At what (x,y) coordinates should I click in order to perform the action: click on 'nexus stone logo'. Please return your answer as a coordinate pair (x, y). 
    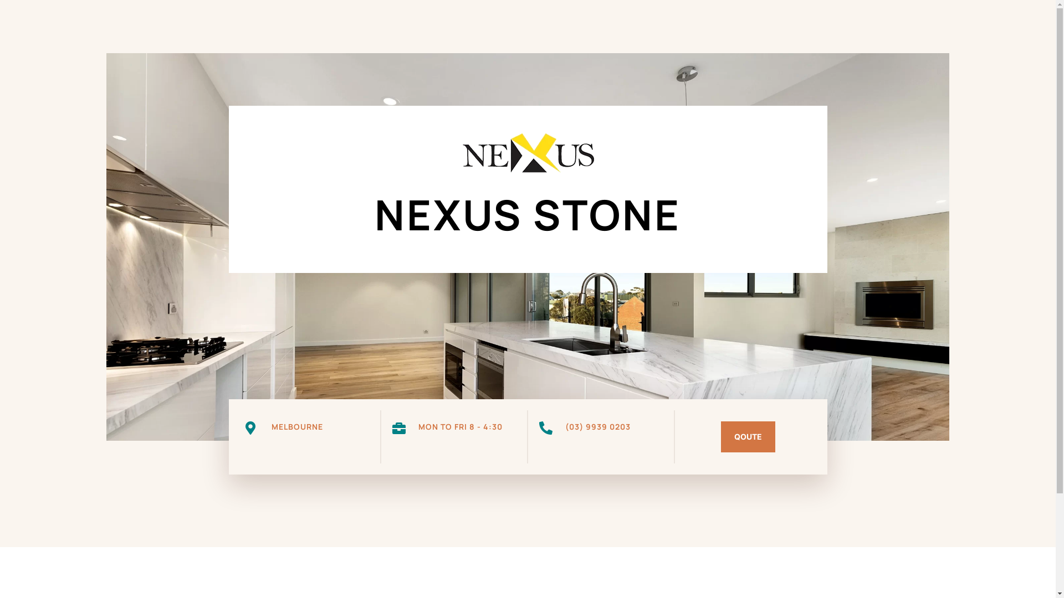
    Looking at the image, I should click on (527, 154).